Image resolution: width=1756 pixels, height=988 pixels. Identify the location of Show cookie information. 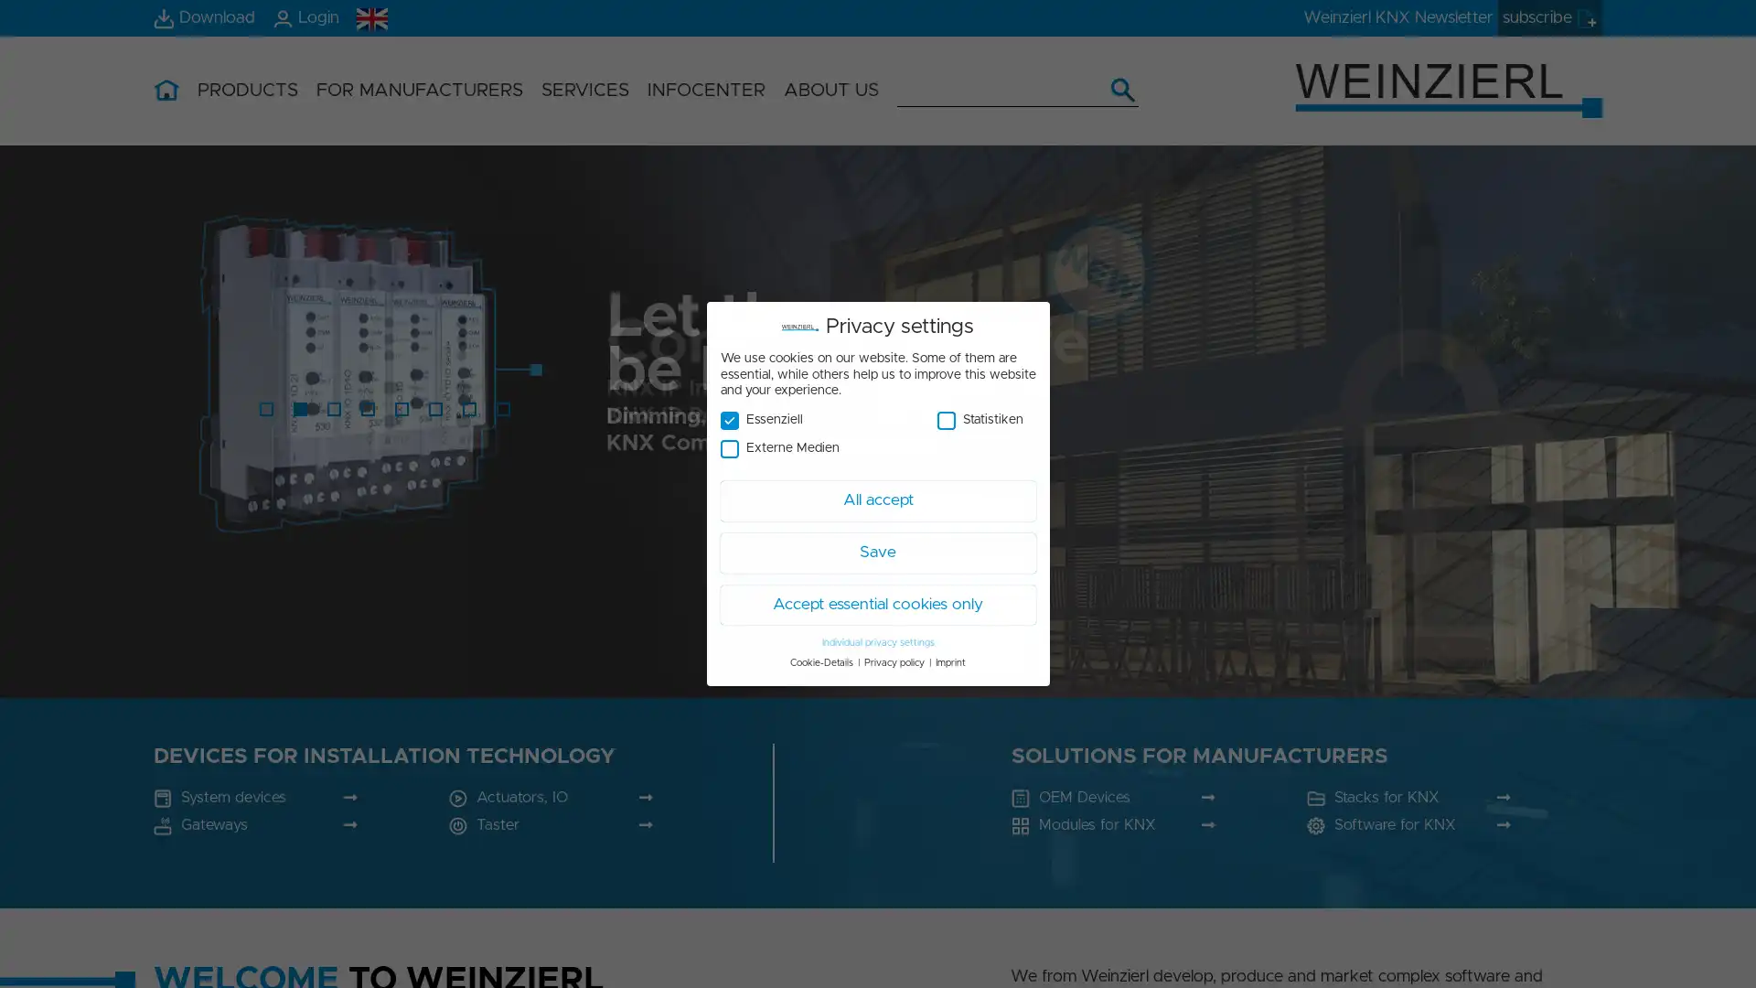
(876, 975).